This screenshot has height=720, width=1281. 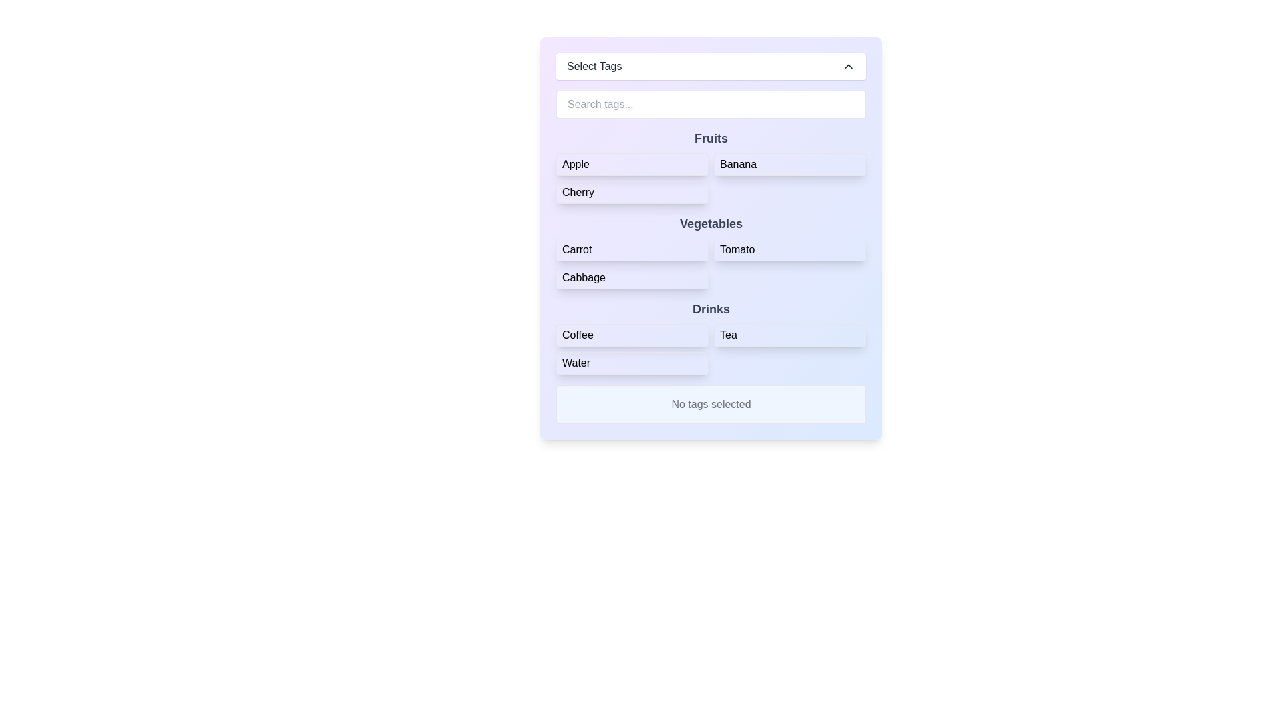 I want to click on the 'Cabbage' text label located under the 'Vegetables' section, so click(x=584, y=277).